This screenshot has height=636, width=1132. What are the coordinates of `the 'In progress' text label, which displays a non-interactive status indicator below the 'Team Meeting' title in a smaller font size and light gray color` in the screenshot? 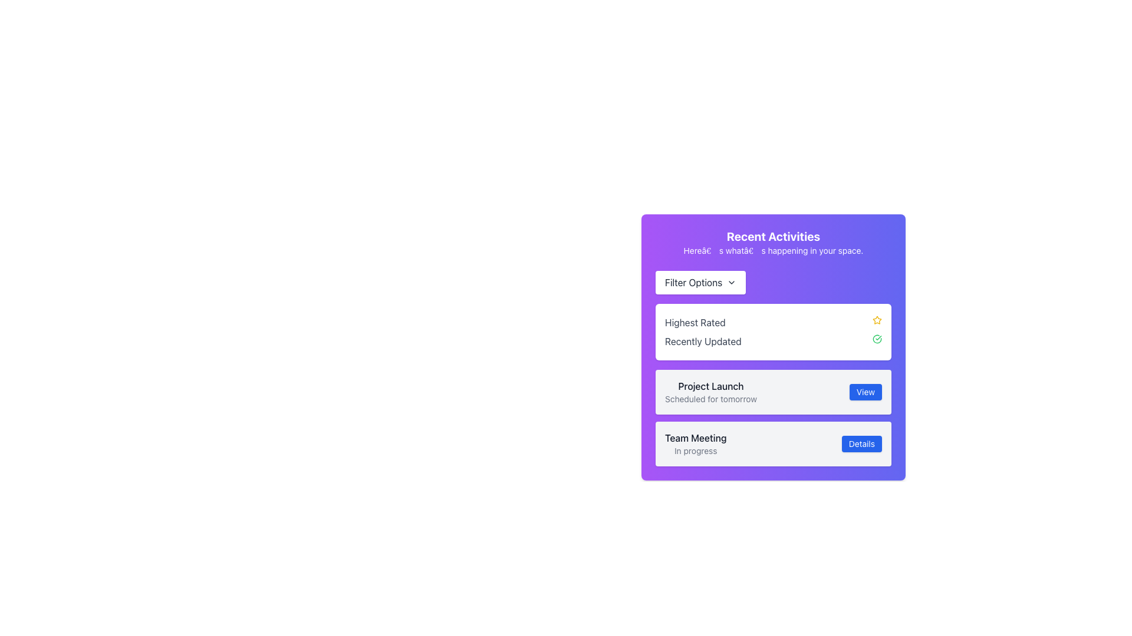 It's located at (696, 450).